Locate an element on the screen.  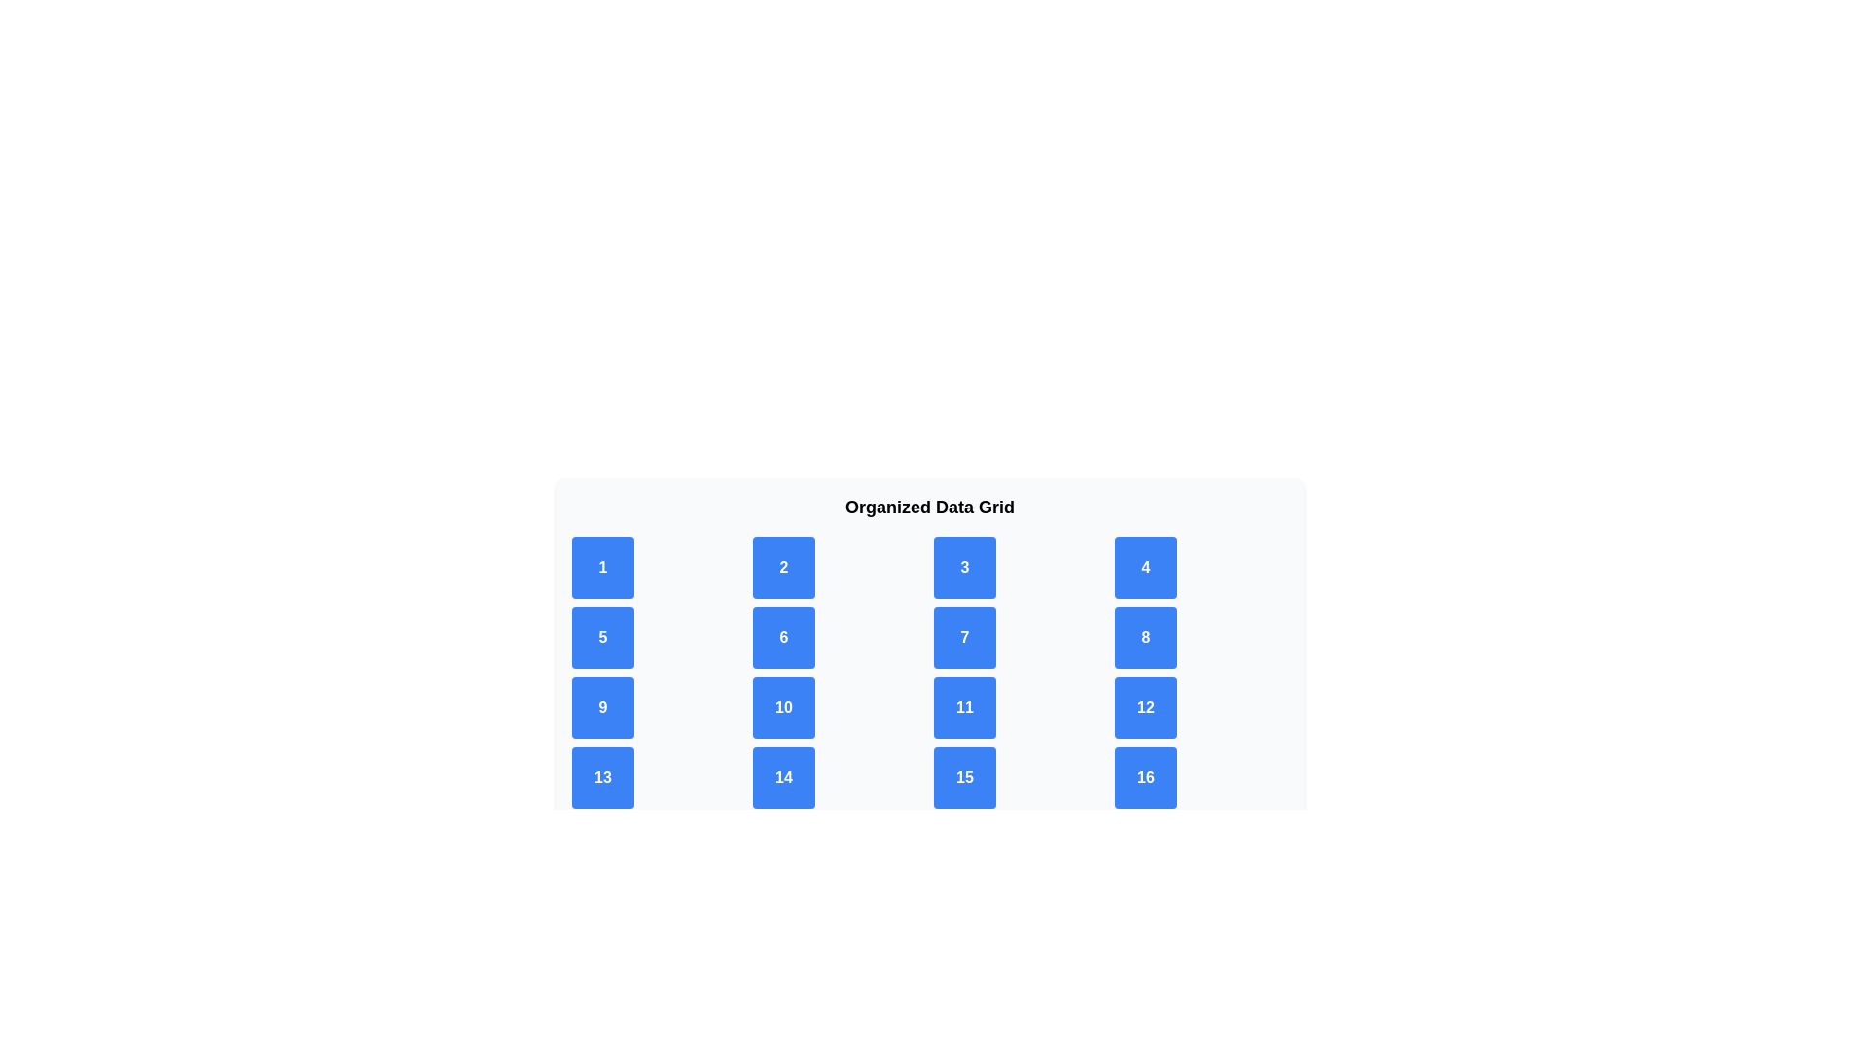
the selectable grid item button associated with the number '5', located in the second row and first column of a 4x4 grid layout is located at coordinates (601, 637).